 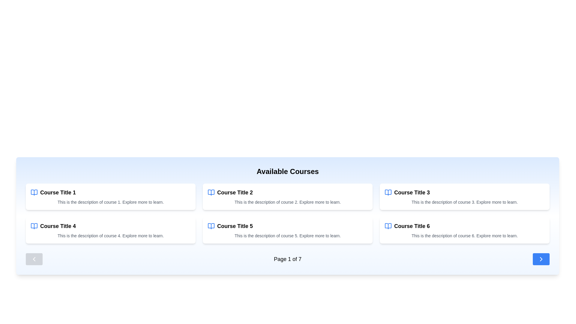 What do you see at coordinates (464, 235) in the screenshot?
I see `text label that displays 'This is the description of course 6. Explore more to learn.' located below the title 'Course Title 6'` at bounding box center [464, 235].